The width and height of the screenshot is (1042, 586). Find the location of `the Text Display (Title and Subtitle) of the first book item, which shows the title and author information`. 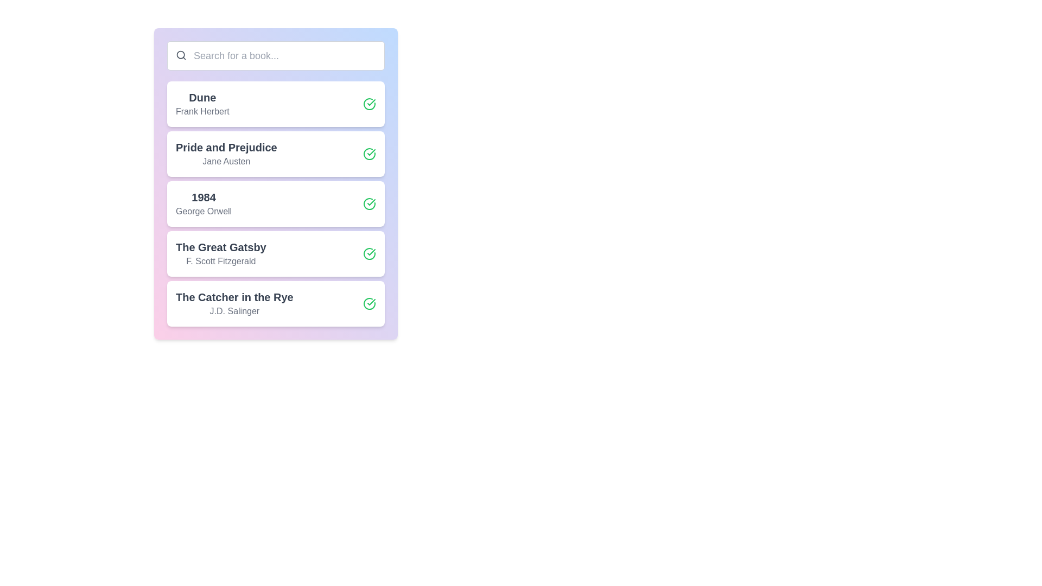

the Text Display (Title and Subtitle) of the first book item, which shows the title and author information is located at coordinates (202, 104).